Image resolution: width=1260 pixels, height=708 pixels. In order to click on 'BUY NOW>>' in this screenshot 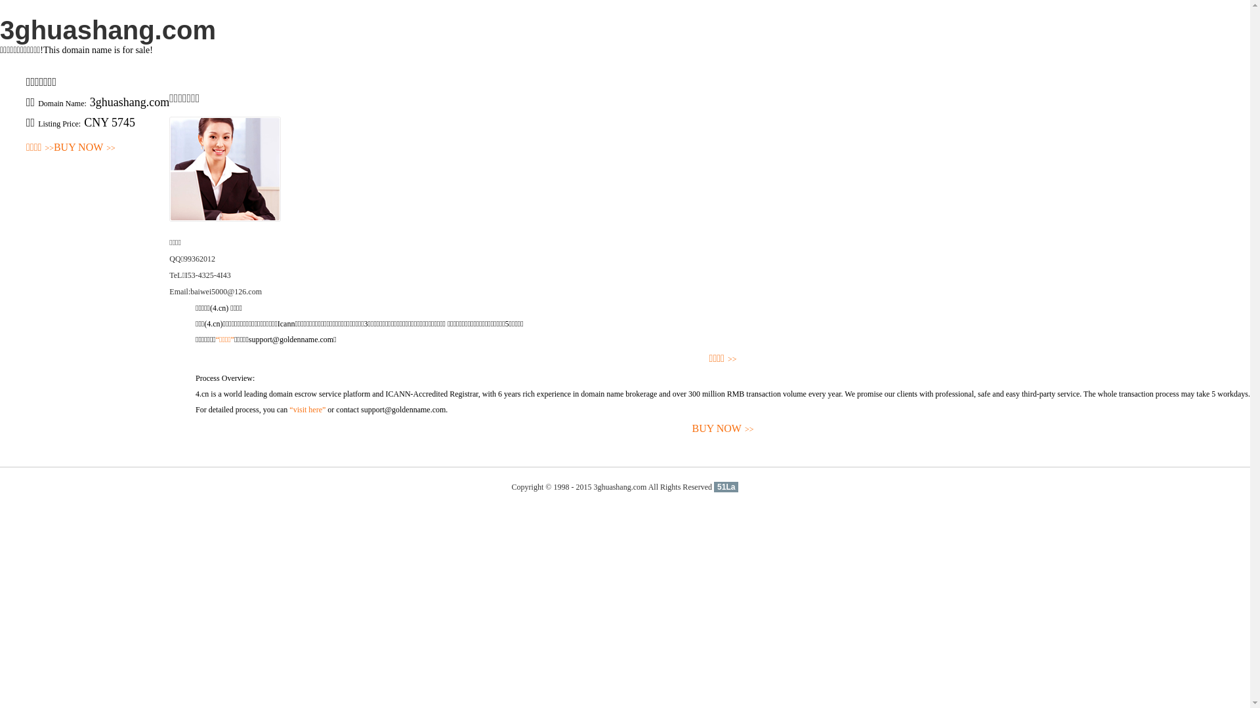, I will do `click(84, 147)`.